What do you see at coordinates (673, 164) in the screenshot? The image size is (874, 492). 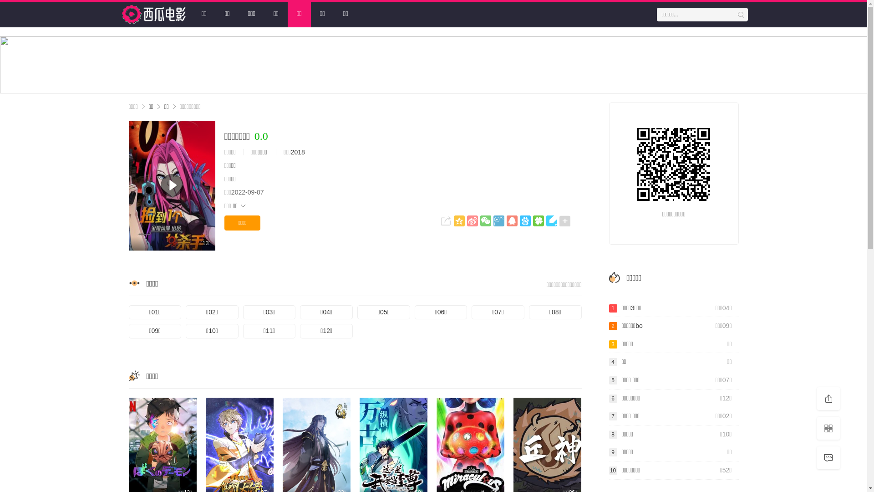 I see `'http://www.xiguac.com/vodhtml/46362.html?bqjmto=x0iv9'` at bounding box center [673, 164].